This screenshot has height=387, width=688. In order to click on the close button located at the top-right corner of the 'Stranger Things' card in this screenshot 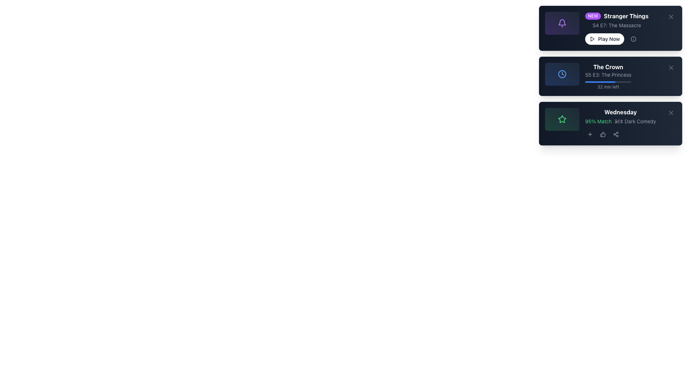, I will do `click(670, 16)`.